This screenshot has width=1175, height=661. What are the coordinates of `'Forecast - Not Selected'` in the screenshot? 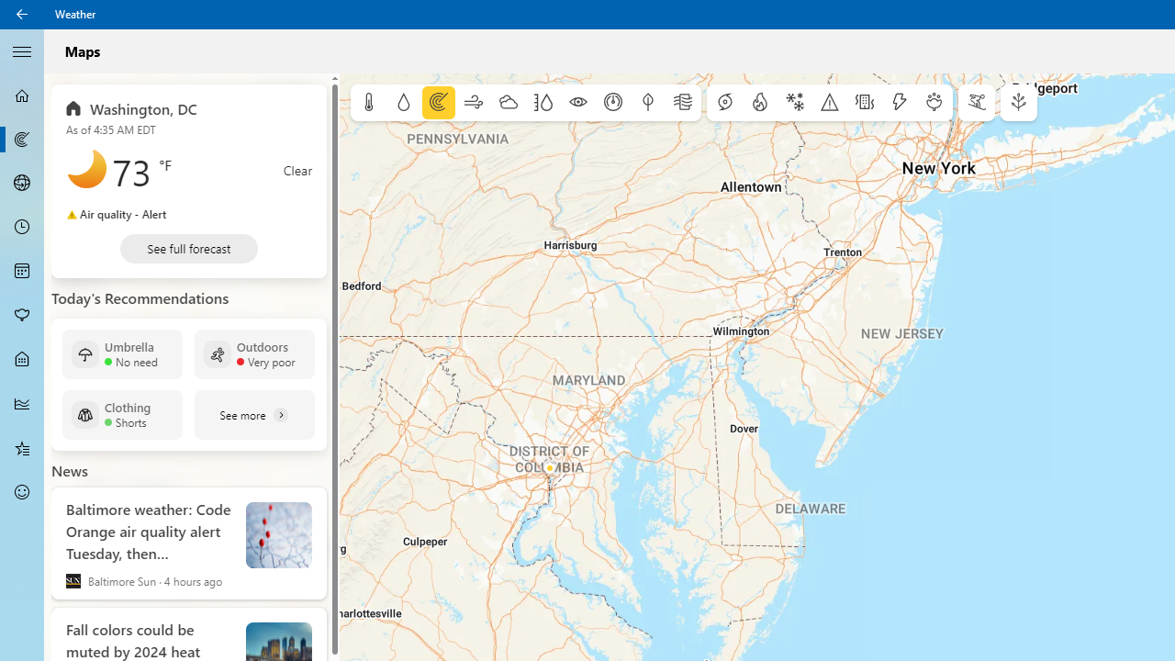 It's located at (22, 95).